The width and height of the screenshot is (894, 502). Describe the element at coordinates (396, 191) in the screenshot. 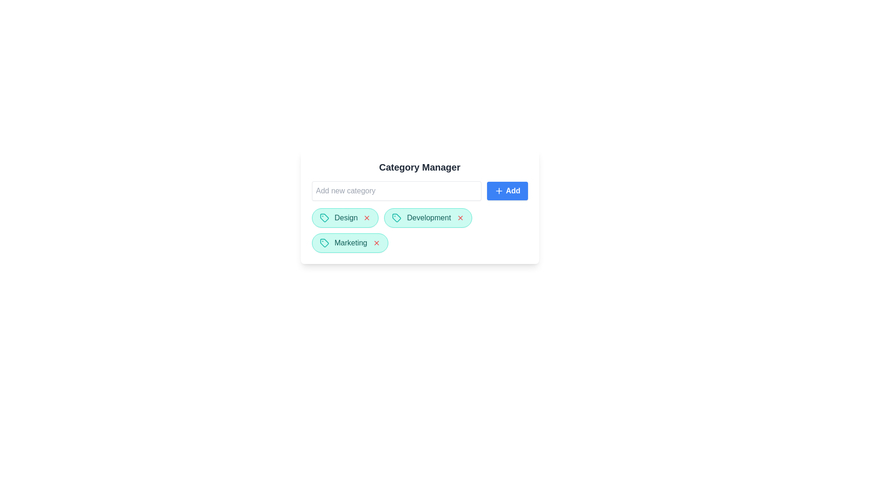

I see `the input field and type the desired text` at that location.